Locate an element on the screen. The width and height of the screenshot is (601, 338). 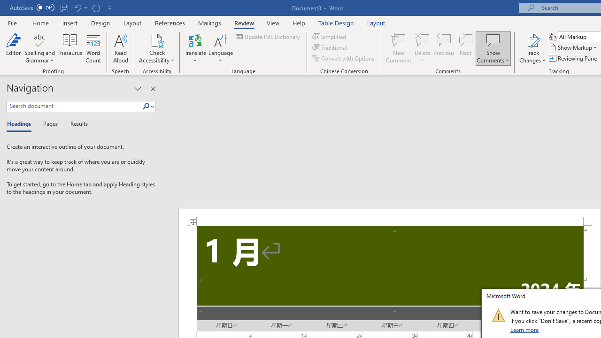
'Check Accessibility' is located at coordinates (157, 39).